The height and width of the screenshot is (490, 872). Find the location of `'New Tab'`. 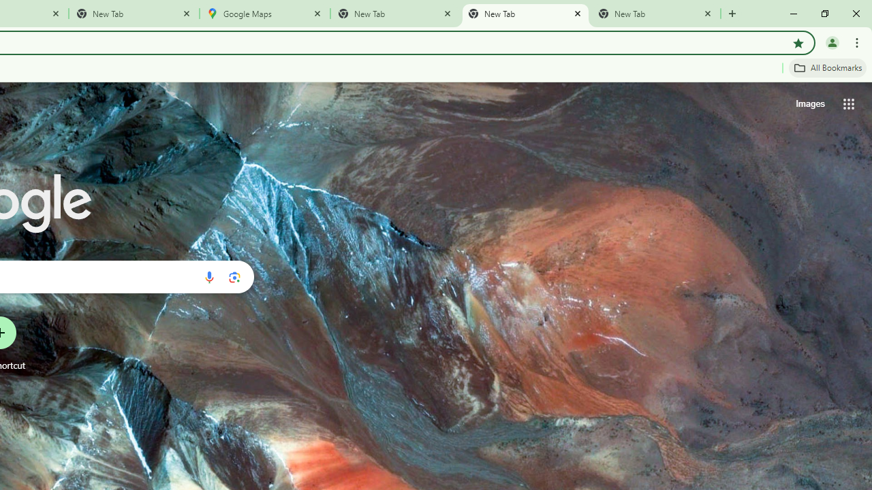

'New Tab' is located at coordinates (134, 14).